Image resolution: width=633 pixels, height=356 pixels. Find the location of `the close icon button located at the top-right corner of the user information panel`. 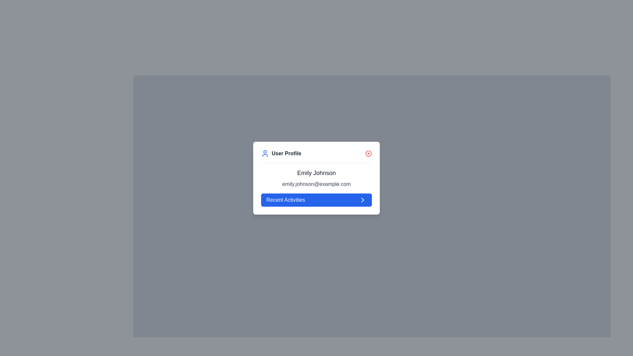

the close icon button located at the top-right corner of the user information panel is located at coordinates (368, 153).